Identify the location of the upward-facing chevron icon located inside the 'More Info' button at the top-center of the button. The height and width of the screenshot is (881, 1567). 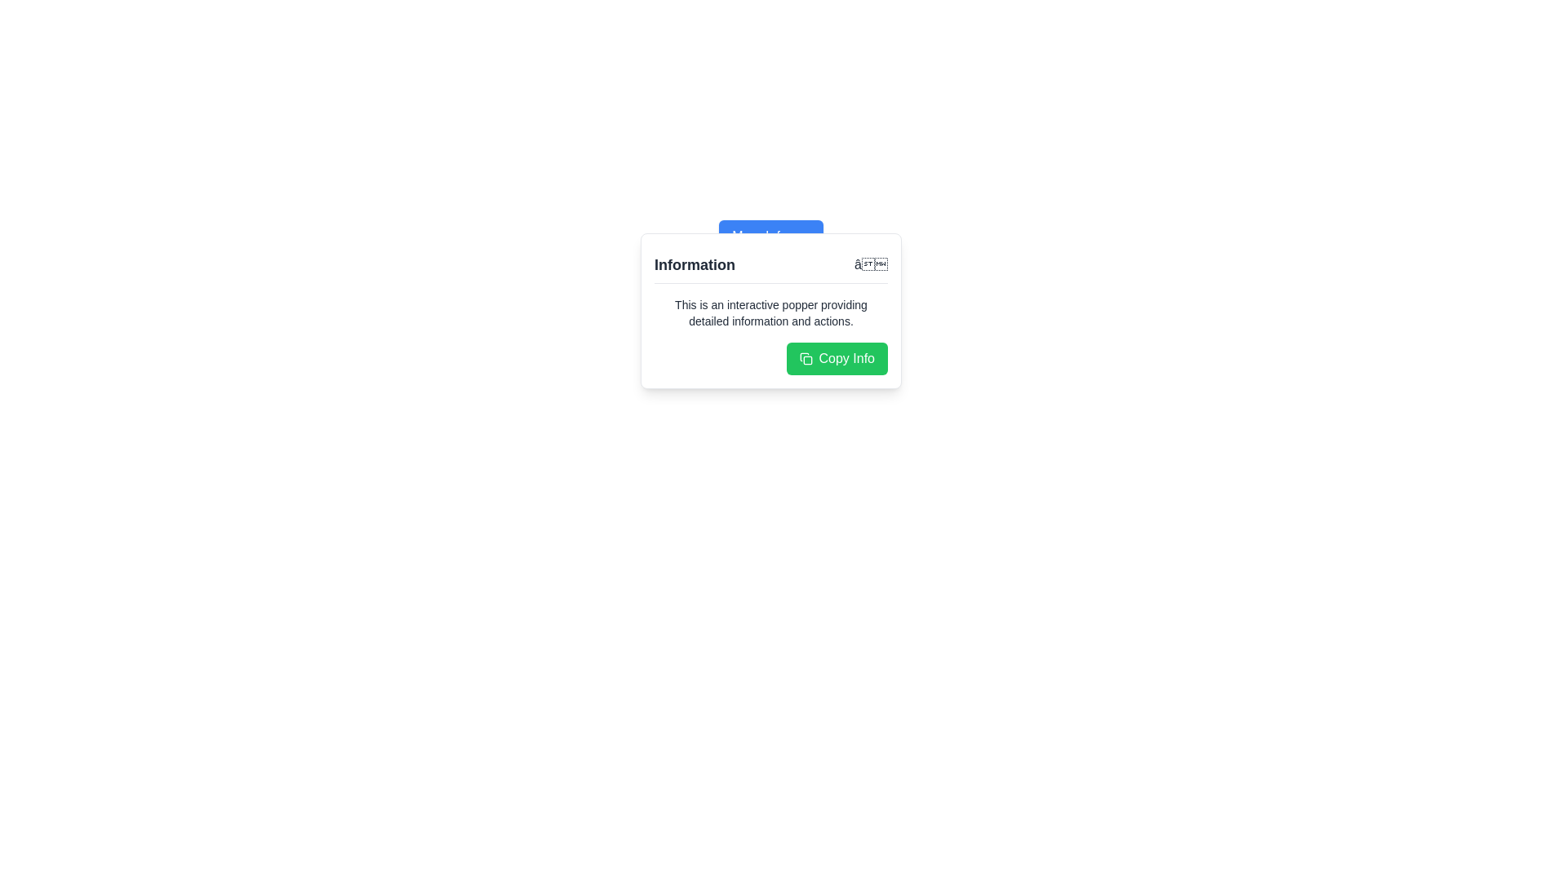
(801, 236).